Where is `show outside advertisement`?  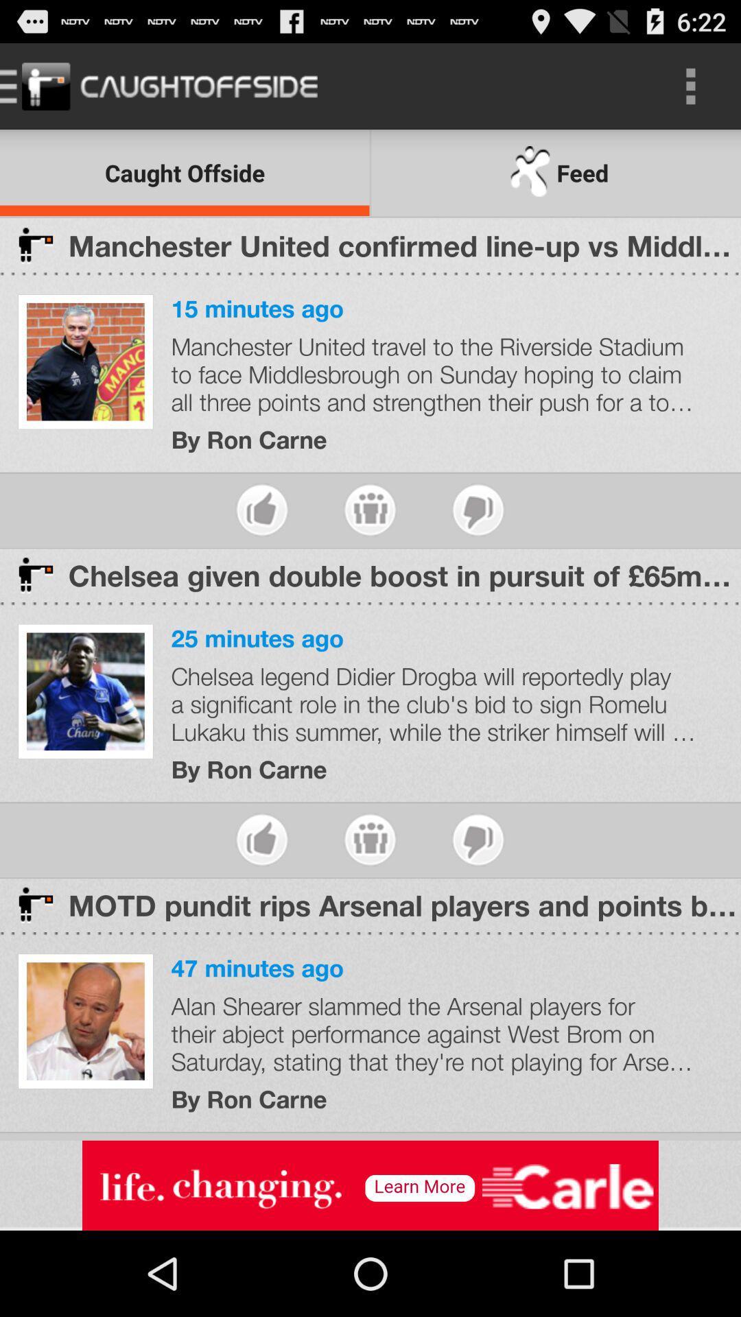 show outside advertisement is located at coordinates (370, 1185).